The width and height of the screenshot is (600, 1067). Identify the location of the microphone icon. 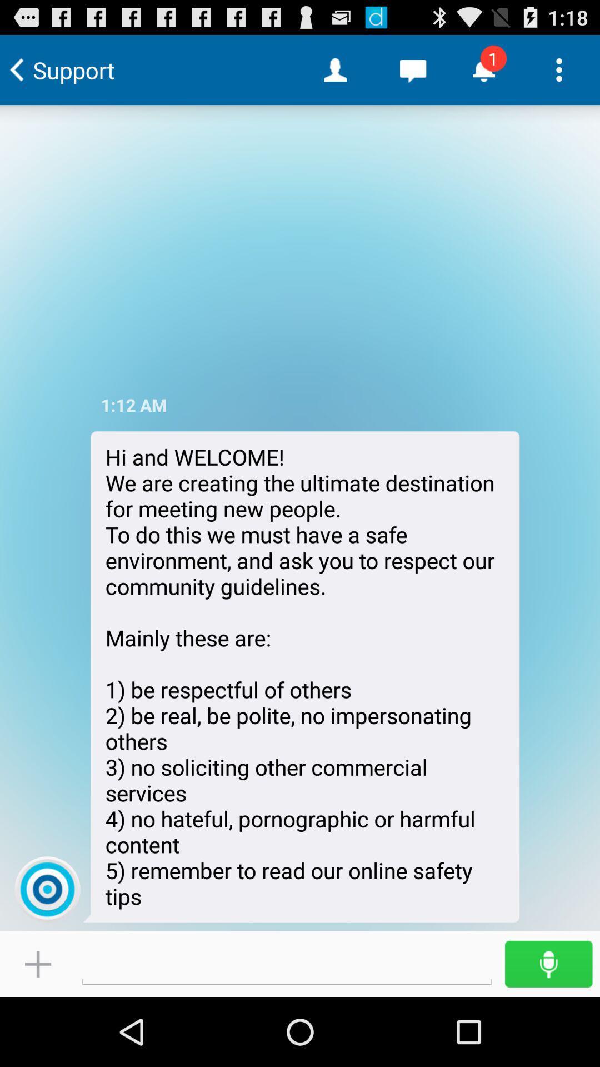
(548, 1031).